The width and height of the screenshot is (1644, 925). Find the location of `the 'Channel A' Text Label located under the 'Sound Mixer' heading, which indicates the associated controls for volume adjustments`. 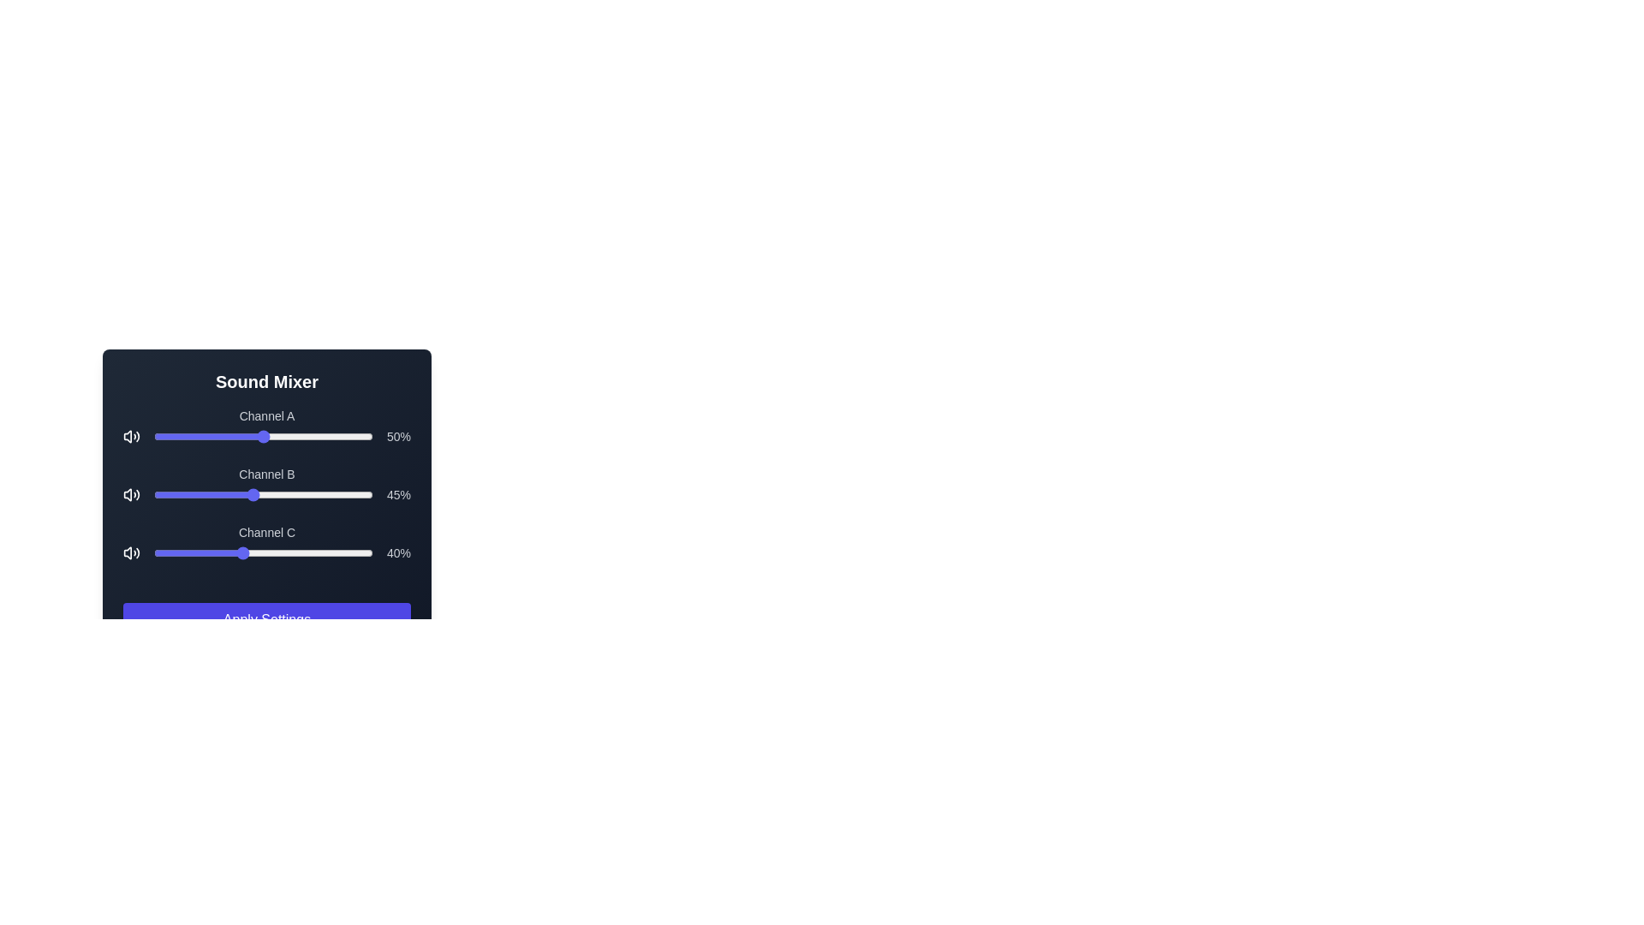

the 'Channel A' Text Label located under the 'Sound Mixer' heading, which indicates the associated controls for volume adjustments is located at coordinates (266, 416).